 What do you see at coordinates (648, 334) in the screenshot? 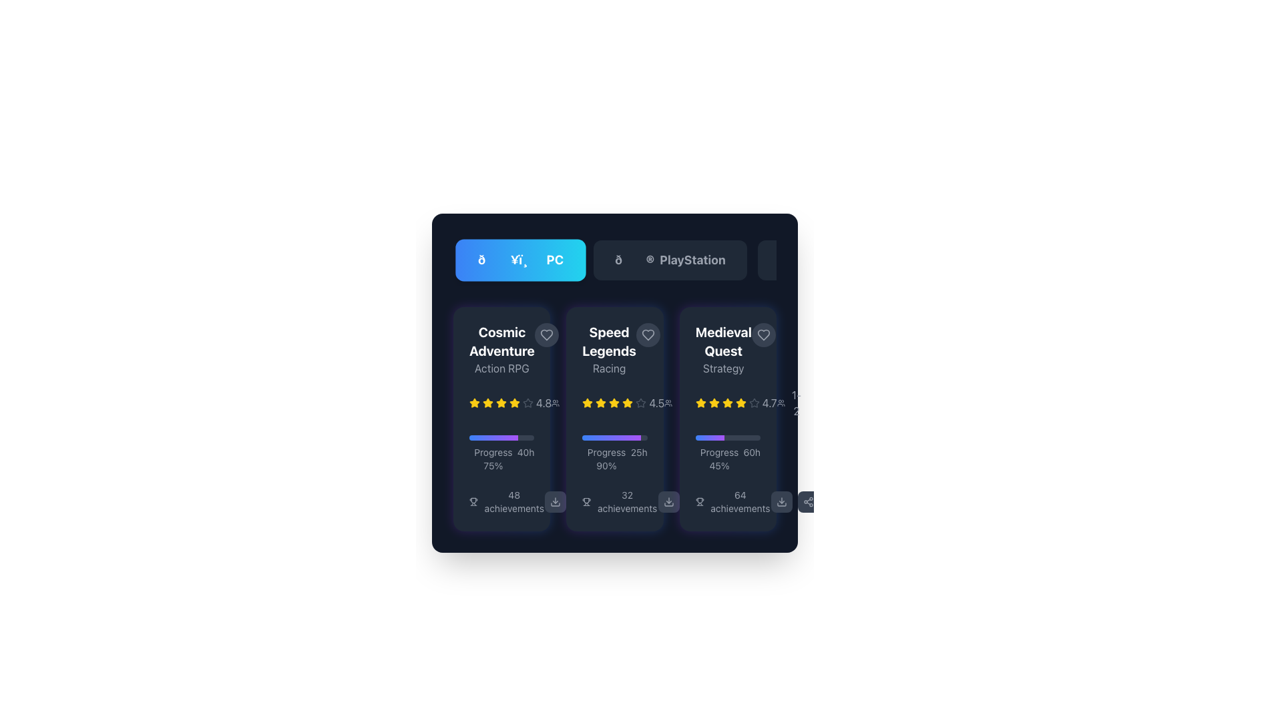
I see `the heart-shaped icon button located in the top-right corner of the second card, adjacent to the 'Speed Legends' title` at bounding box center [648, 334].